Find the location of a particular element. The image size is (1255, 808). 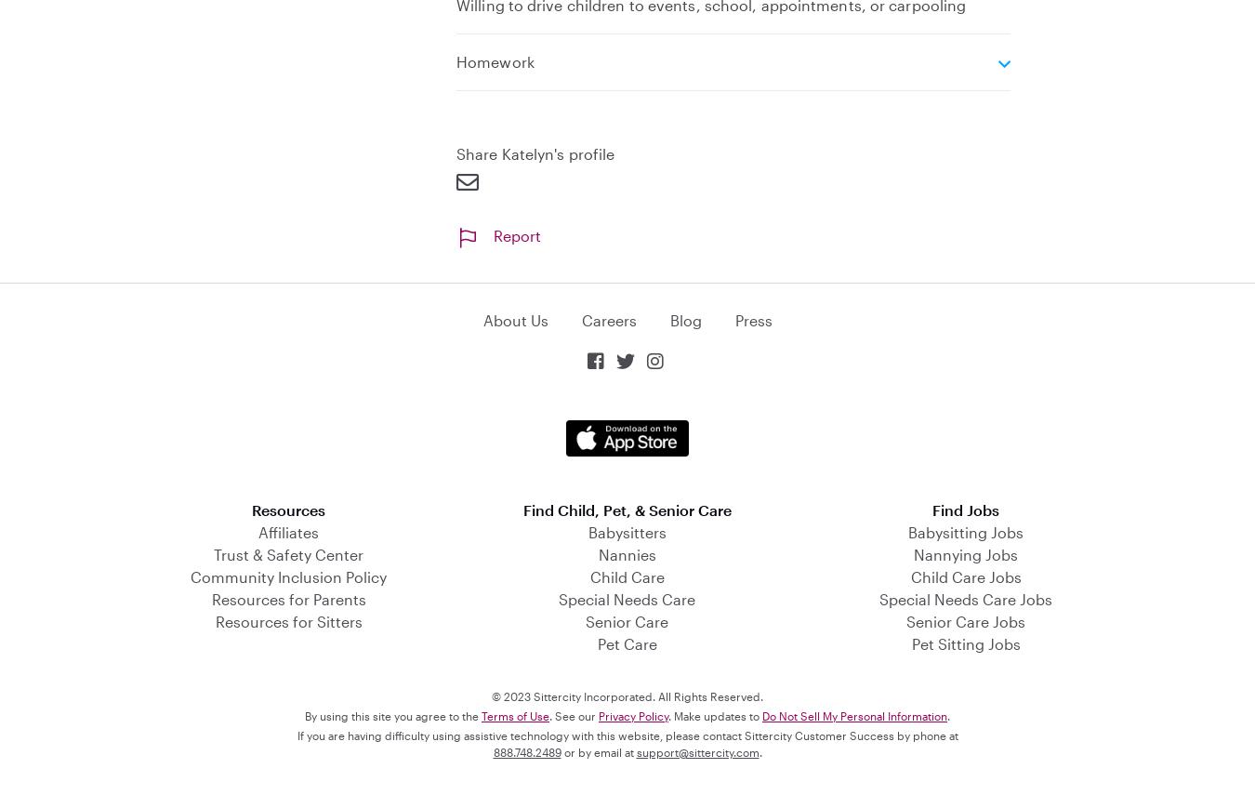

'Share Katelyn's profile' is located at coordinates (535, 152).